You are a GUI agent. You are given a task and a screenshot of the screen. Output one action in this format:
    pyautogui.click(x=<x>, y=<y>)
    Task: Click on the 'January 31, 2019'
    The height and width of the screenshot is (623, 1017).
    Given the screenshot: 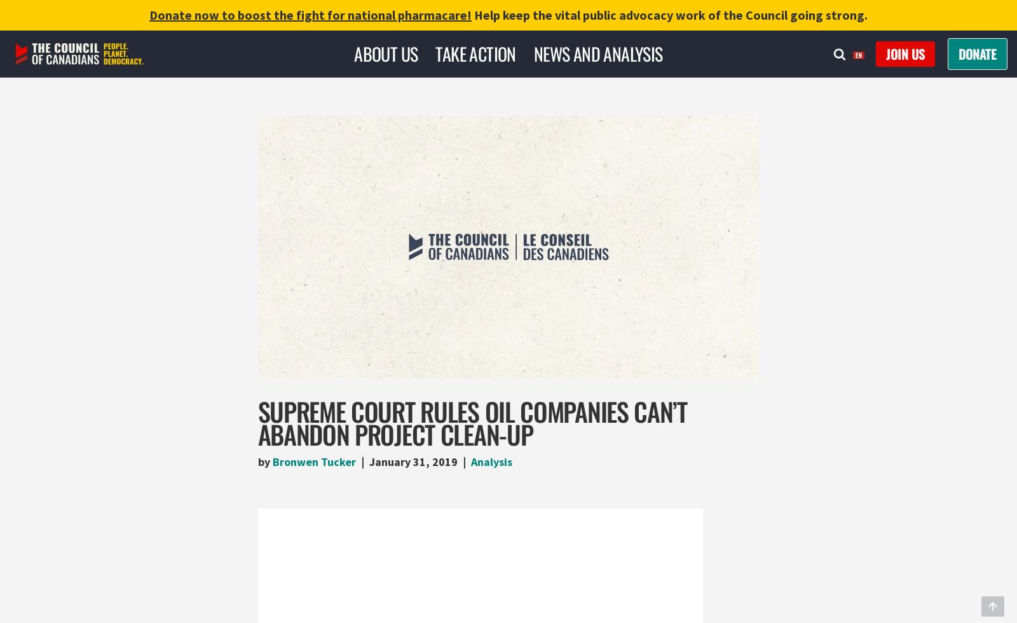 What is the action you would take?
    pyautogui.click(x=413, y=461)
    